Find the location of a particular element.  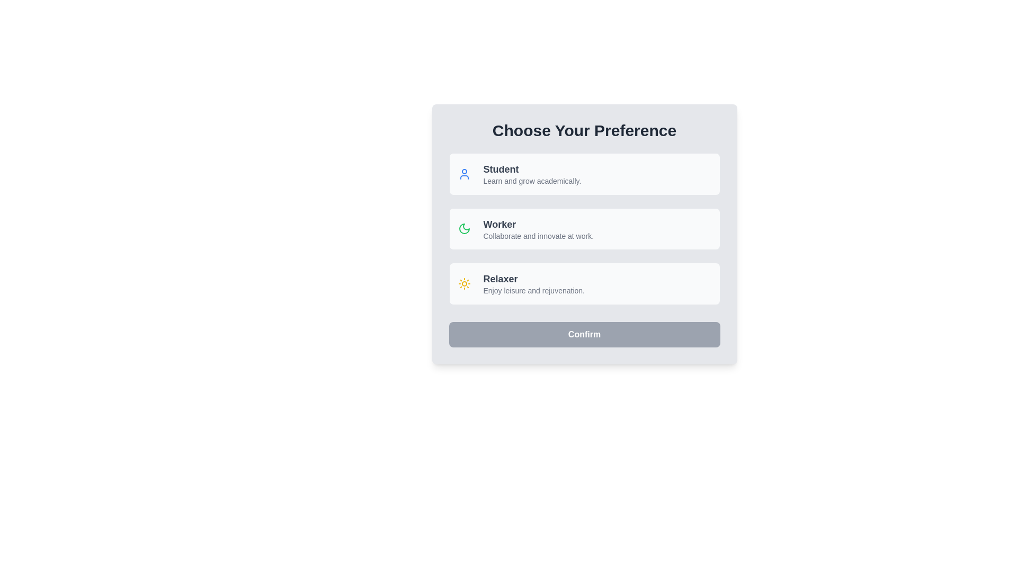

the 'Student' text description component in the options menu, which is the first item in a list under the 'Choose Your Preference' card is located at coordinates (532, 173).